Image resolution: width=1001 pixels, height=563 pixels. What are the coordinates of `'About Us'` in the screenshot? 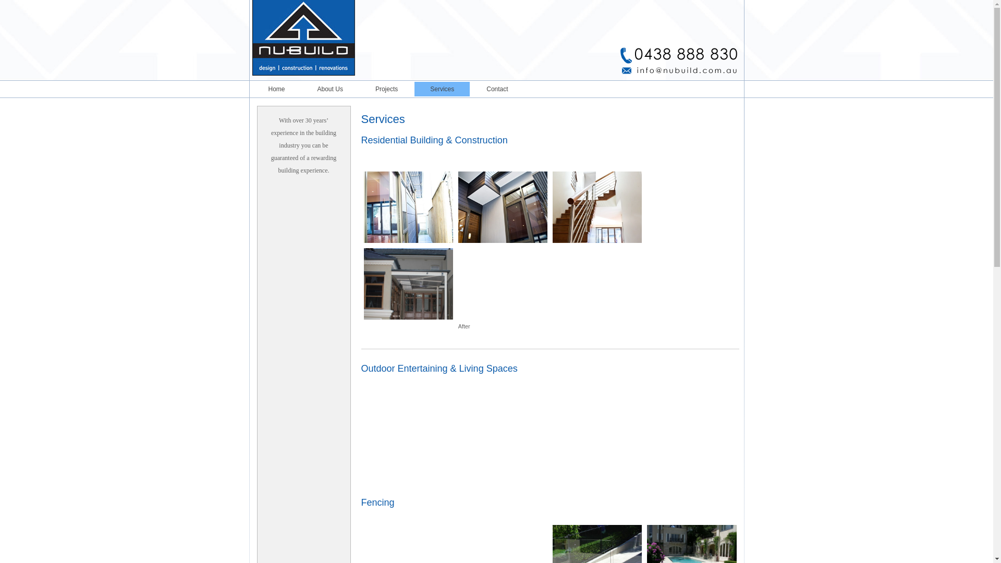 It's located at (329, 88).